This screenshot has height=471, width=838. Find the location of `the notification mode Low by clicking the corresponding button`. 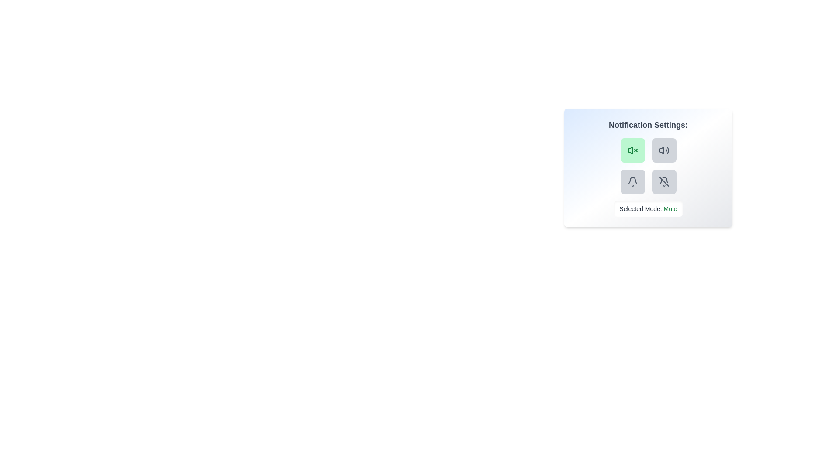

the notification mode Low by clicking the corresponding button is located at coordinates (663, 150).